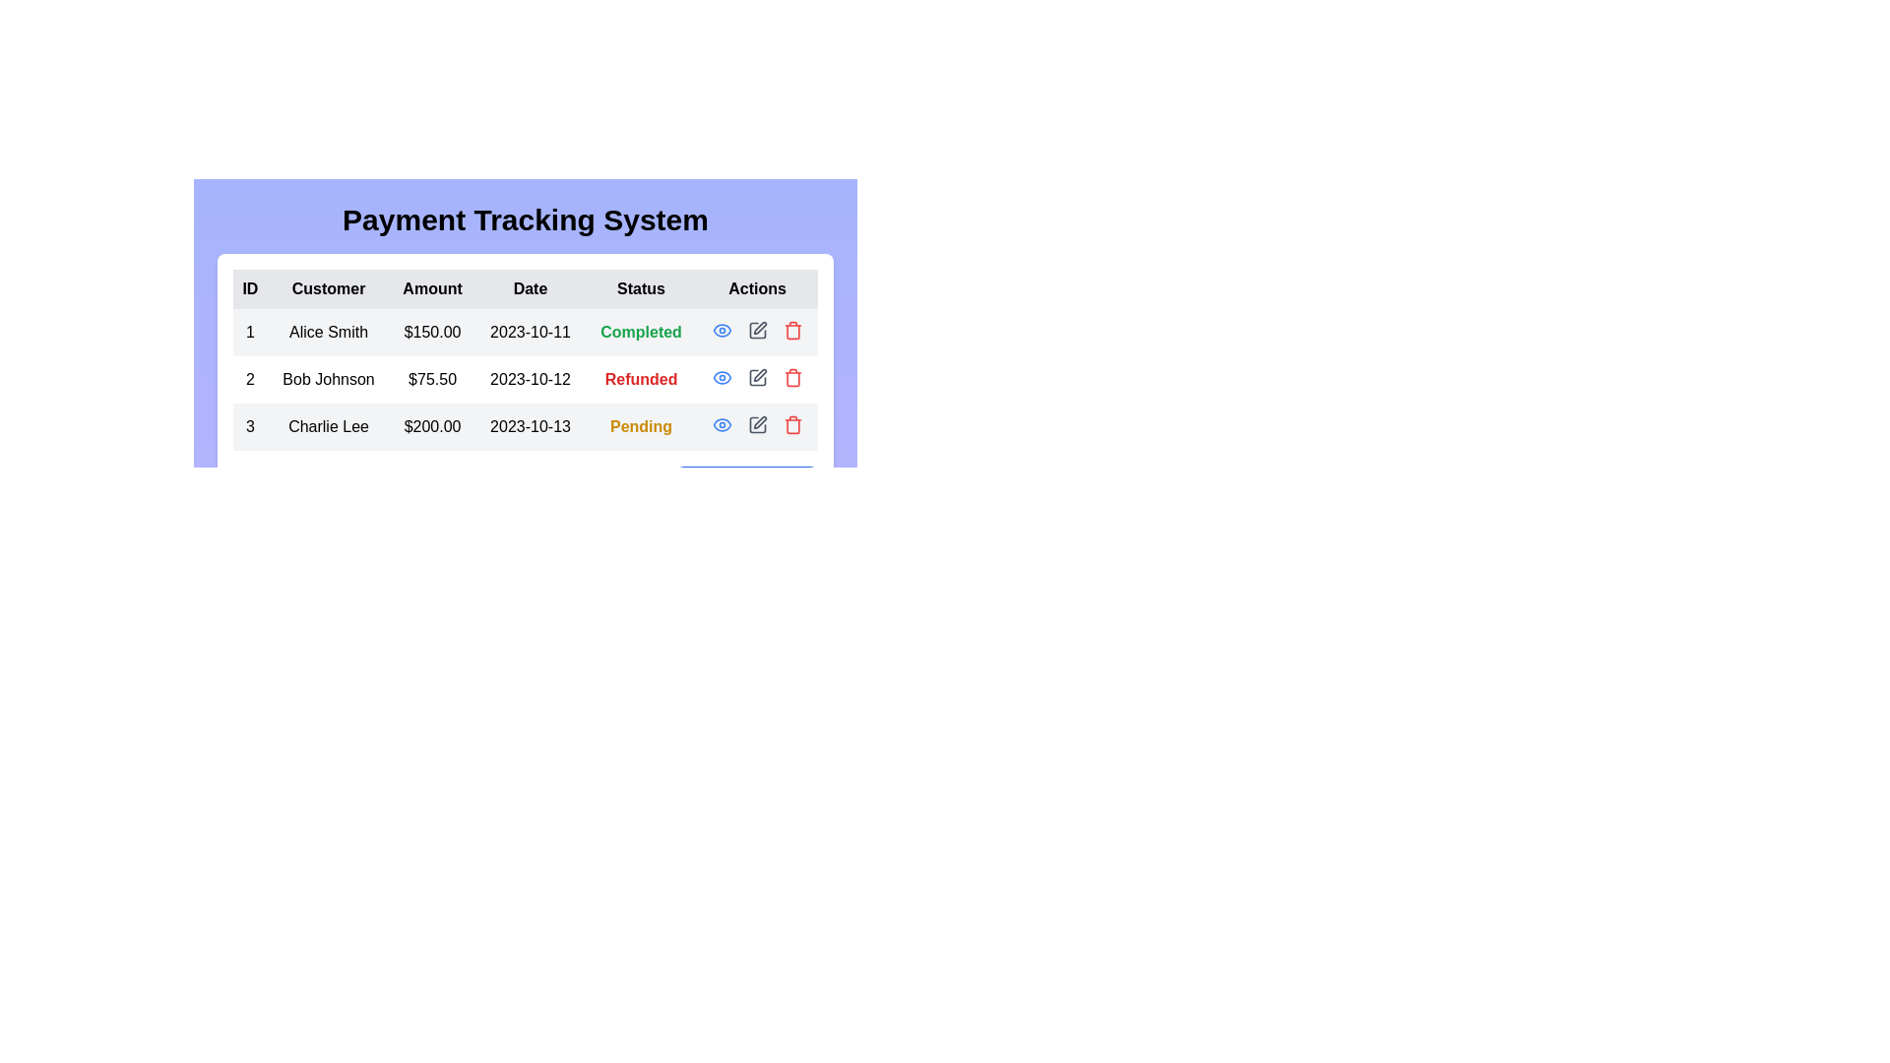 This screenshot has width=1890, height=1063. I want to click on the outer shape of the eye-like SVG icon in the 'Actions' column of the third row, so click(721, 329).